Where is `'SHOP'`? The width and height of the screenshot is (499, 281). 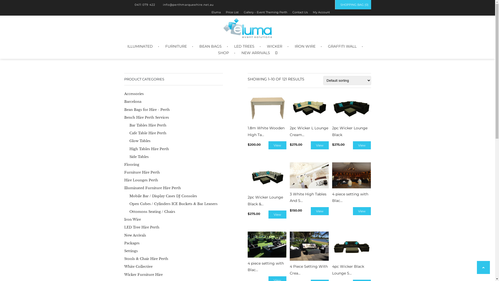 'SHOP' is located at coordinates (223, 53).